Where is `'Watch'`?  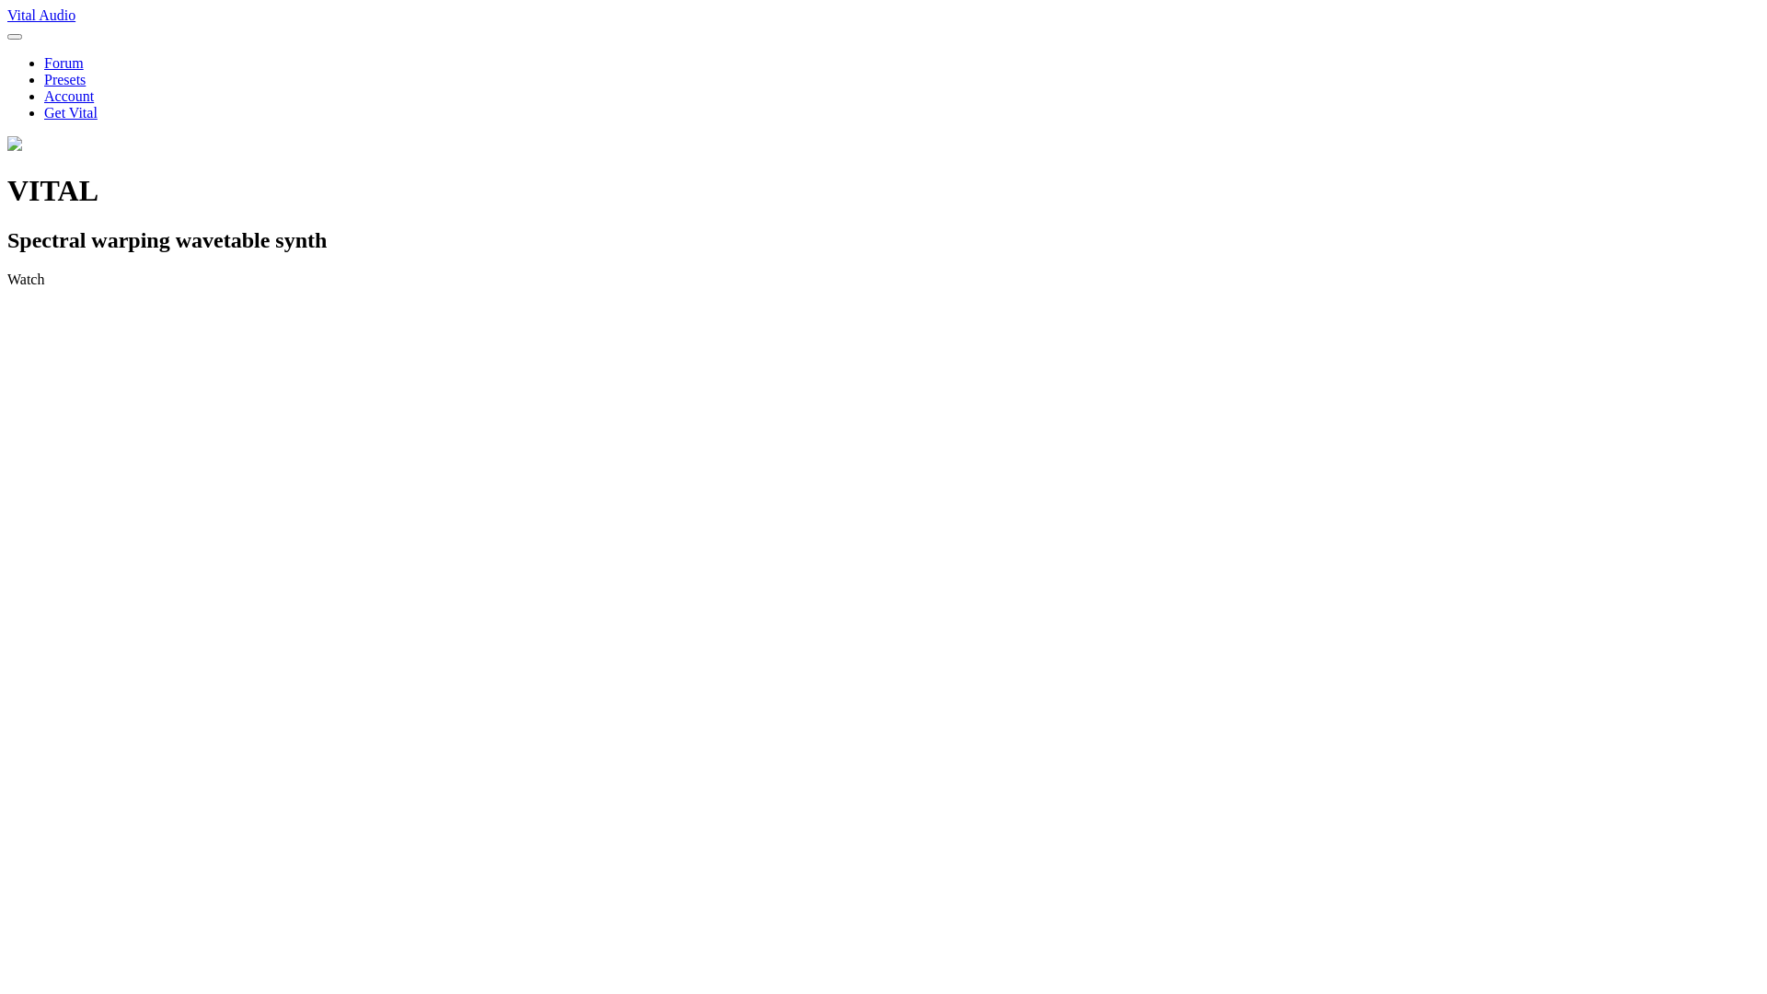 'Watch' is located at coordinates (883, 280).